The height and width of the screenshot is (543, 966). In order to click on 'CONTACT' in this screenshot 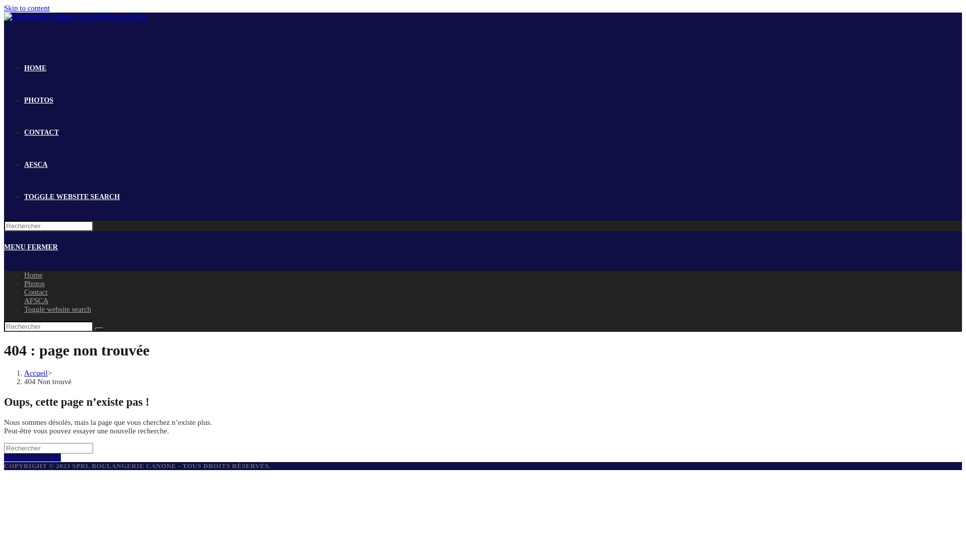, I will do `click(41, 132)`.